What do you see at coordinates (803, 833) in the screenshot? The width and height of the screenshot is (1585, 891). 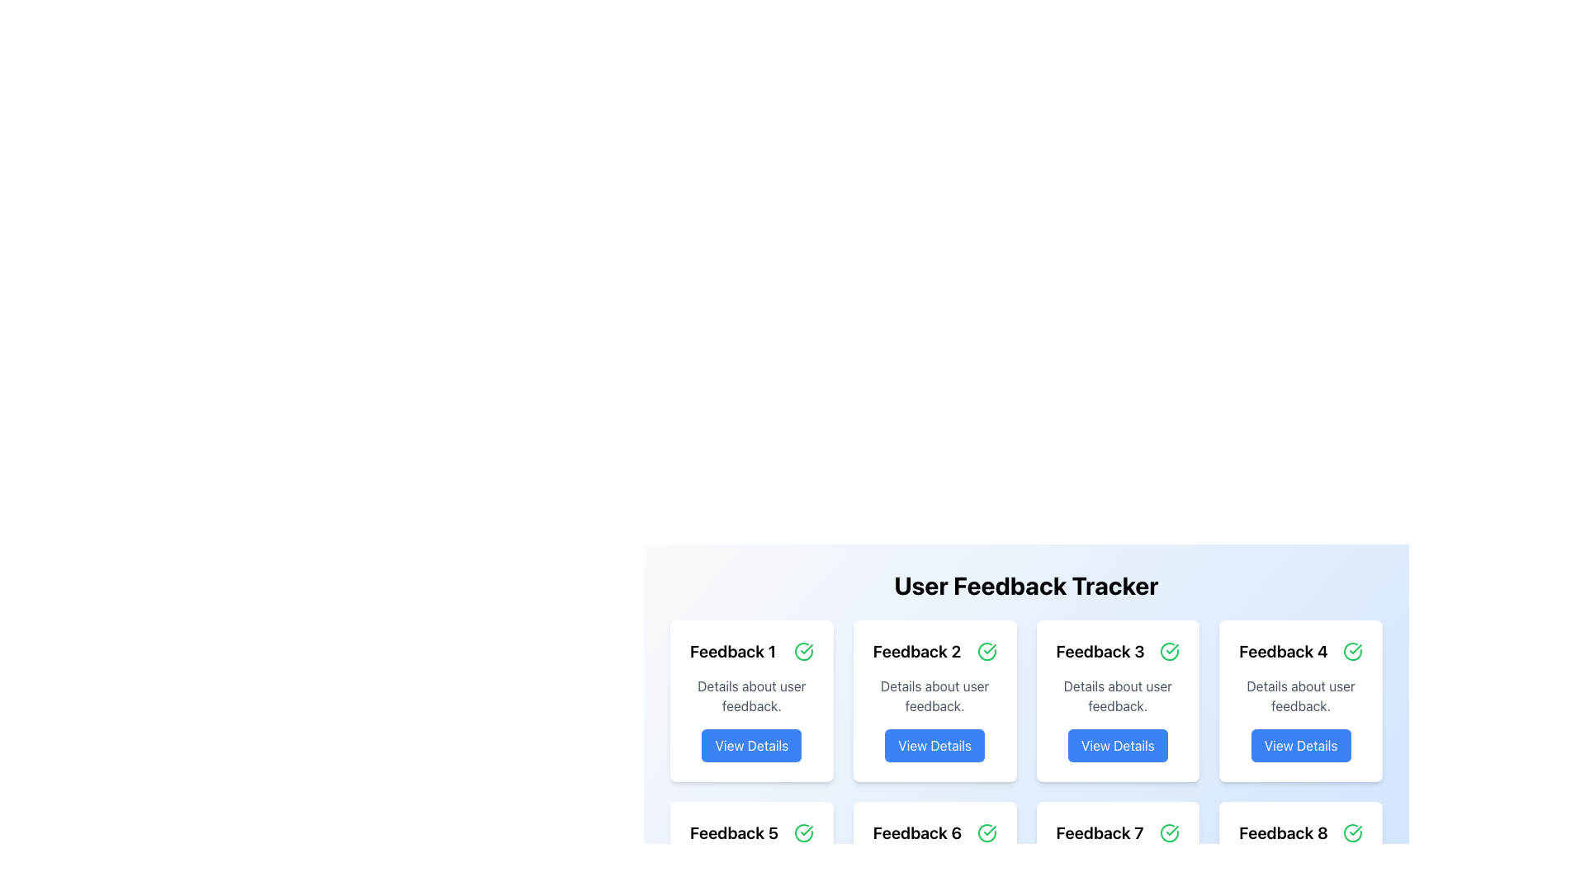 I see `the outer circle of the checkmark-like icon, which is part of the fifth feedback card in a grid layout, to check the feedback status` at bounding box center [803, 833].